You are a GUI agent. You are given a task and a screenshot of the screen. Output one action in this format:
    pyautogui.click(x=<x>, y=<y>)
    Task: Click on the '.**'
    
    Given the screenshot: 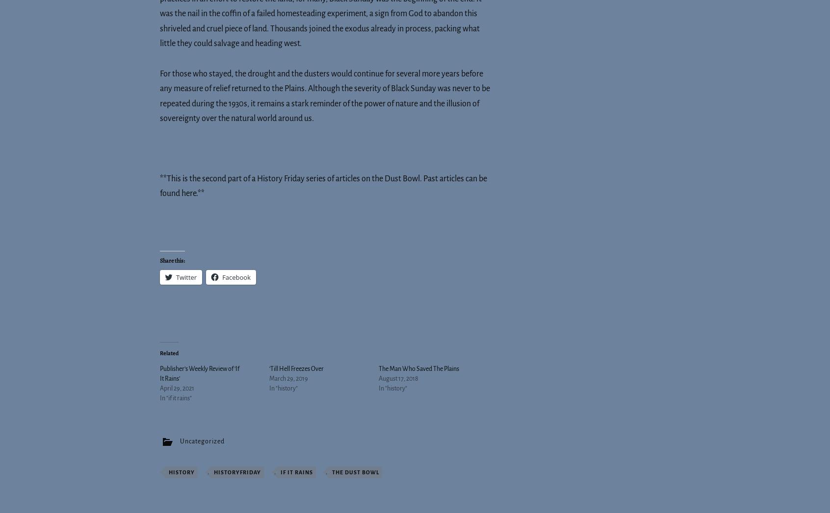 What is the action you would take?
    pyautogui.click(x=200, y=193)
    